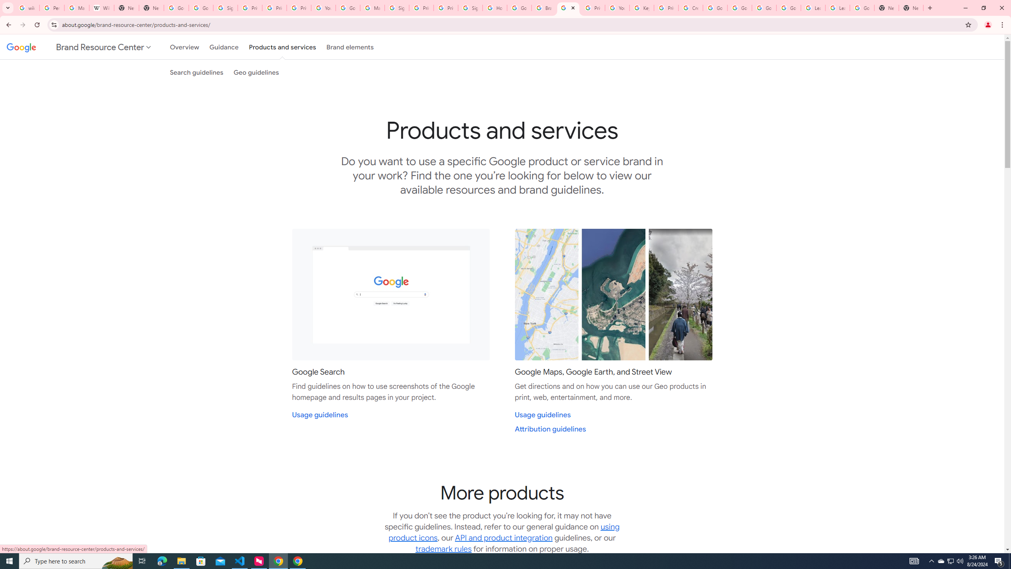  Describe the element at coordinates (76, 8) in the screenshot. I see `'Manage your Location History - Google Search Help'` at that location.